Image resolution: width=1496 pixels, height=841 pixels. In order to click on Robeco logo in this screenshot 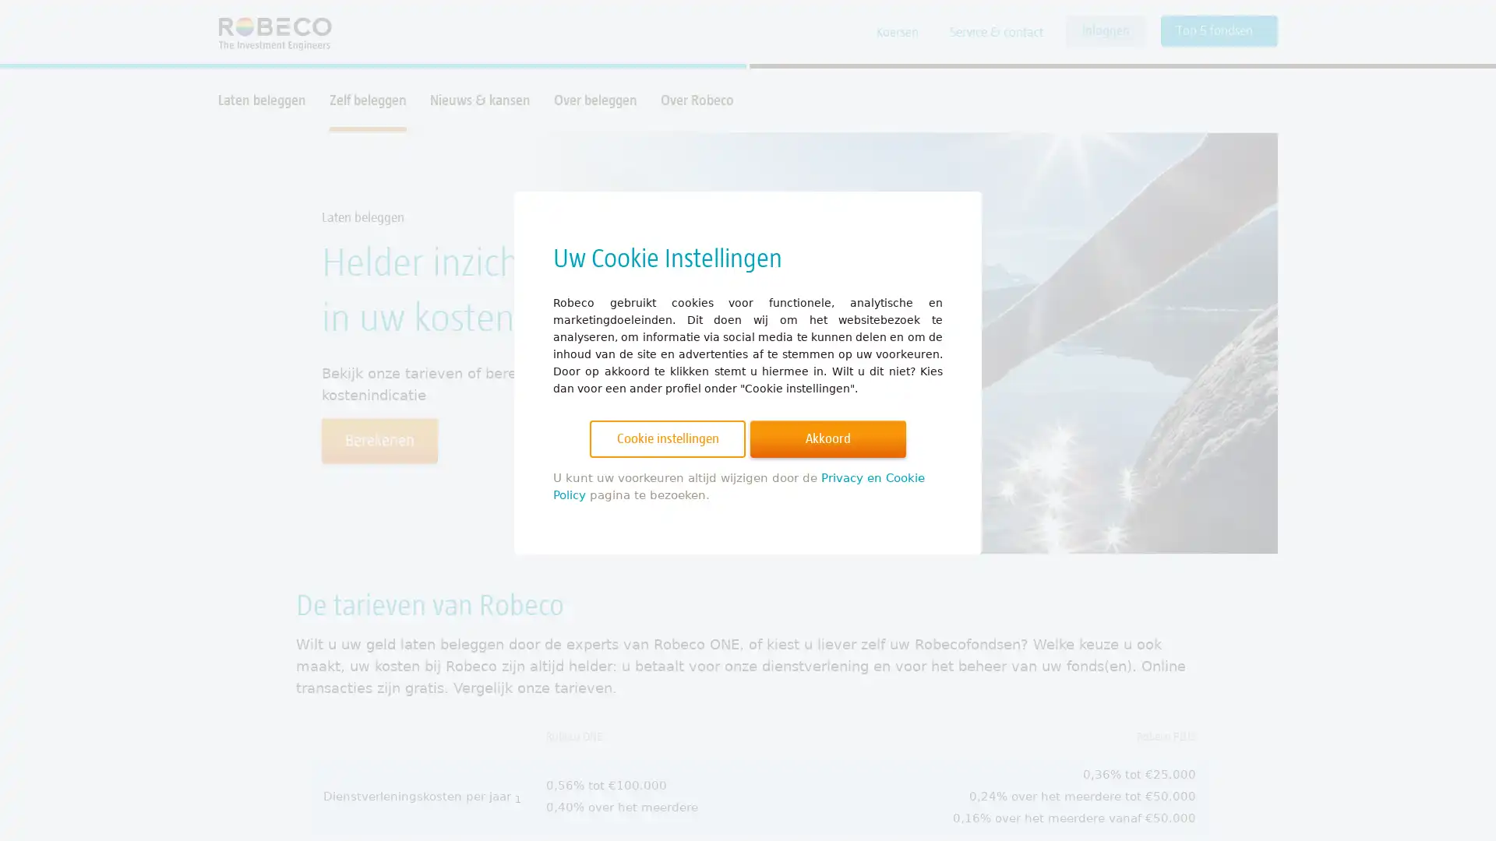, I will do `click(267, 32)`.